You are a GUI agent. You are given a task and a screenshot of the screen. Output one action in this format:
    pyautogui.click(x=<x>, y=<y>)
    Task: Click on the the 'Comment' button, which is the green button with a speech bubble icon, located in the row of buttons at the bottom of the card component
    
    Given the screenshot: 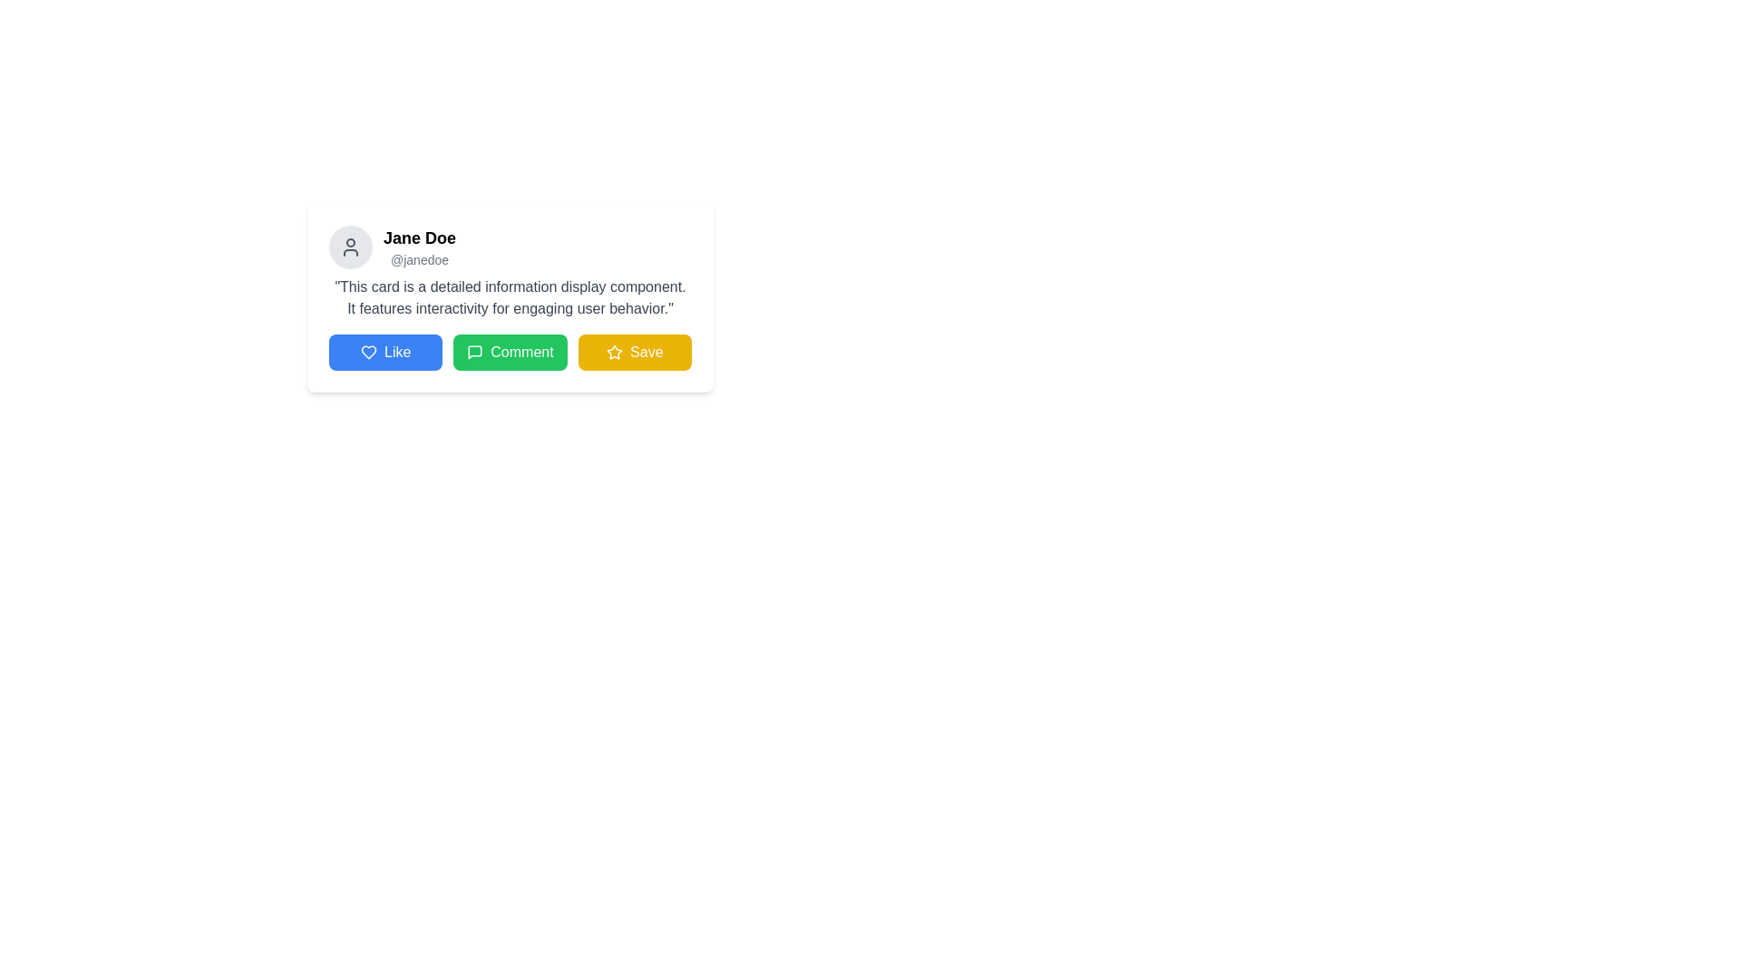 What is the action you would take?
    pyautogui.click(x=509, y=353)
    